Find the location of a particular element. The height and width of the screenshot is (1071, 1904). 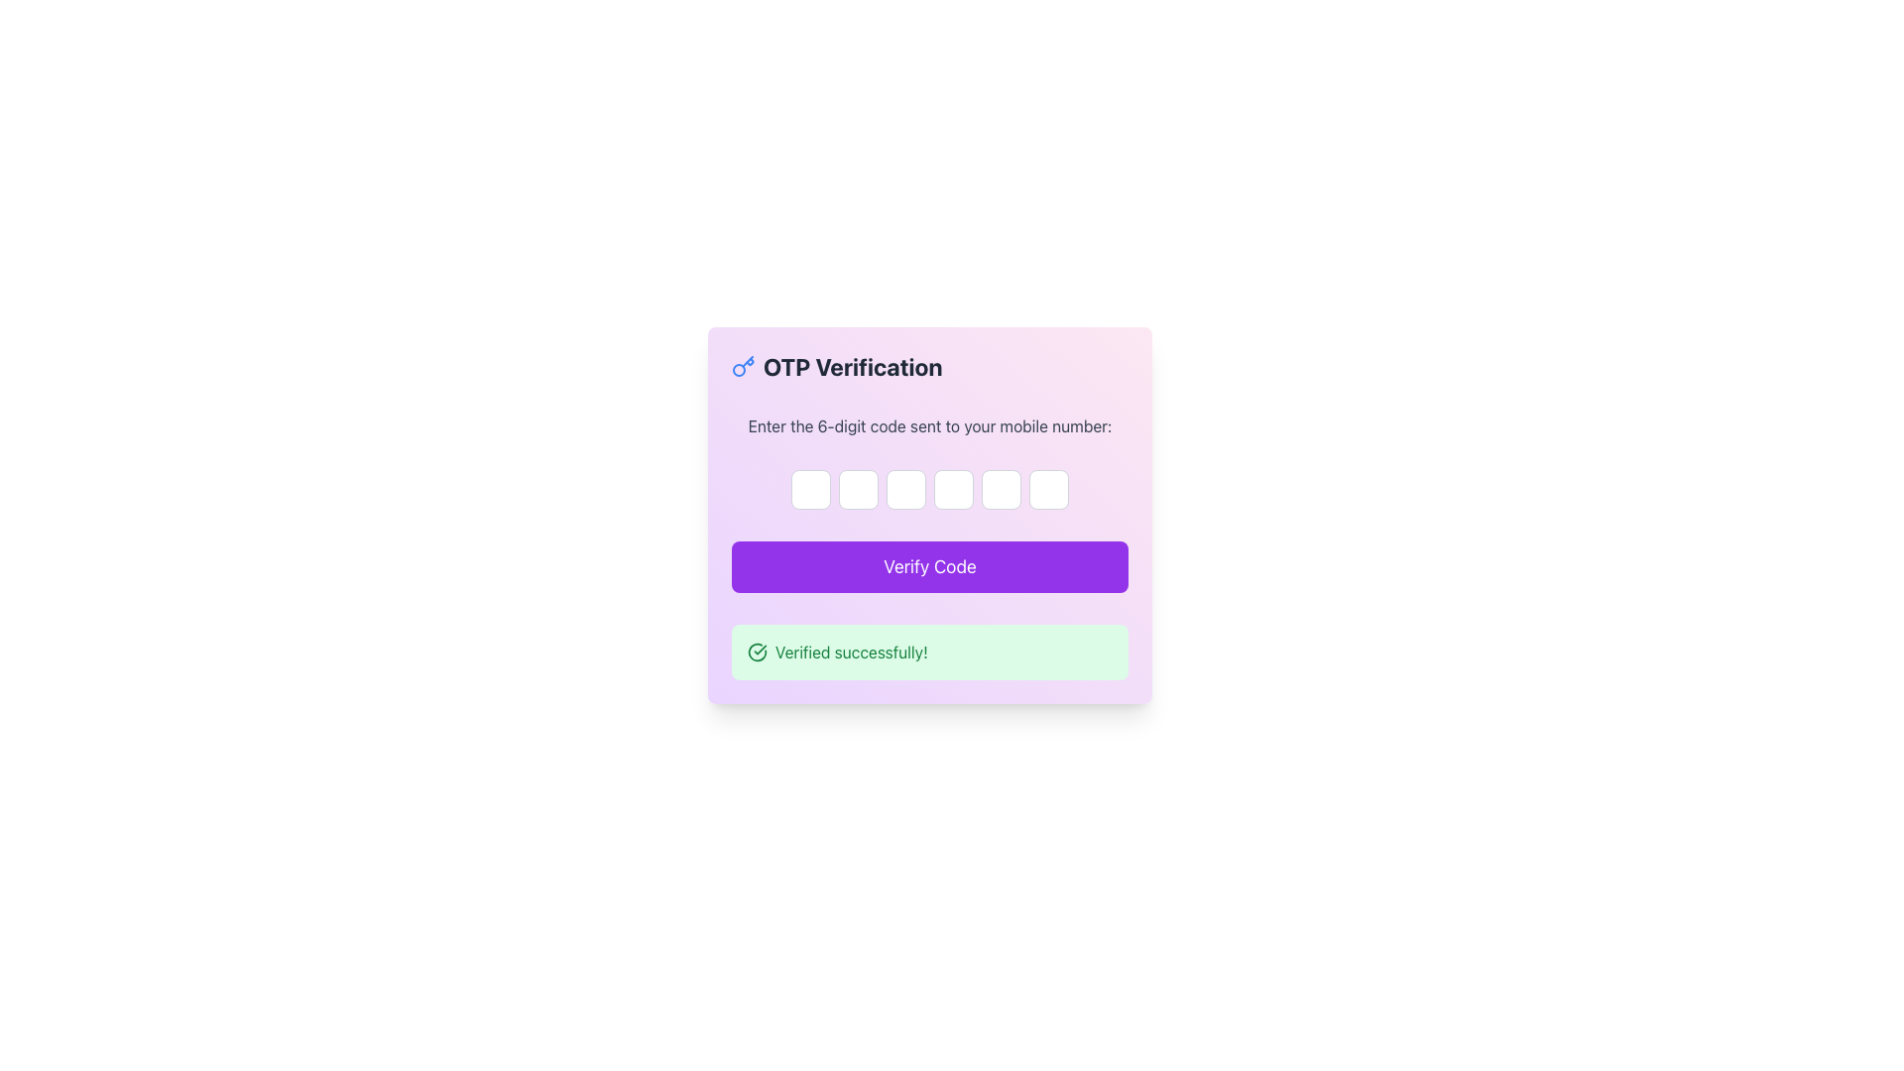

the blue key icon with a circular handle located to the left of the 'OTP Verification' text at the top of the interface is located at coordinates (742, 367).